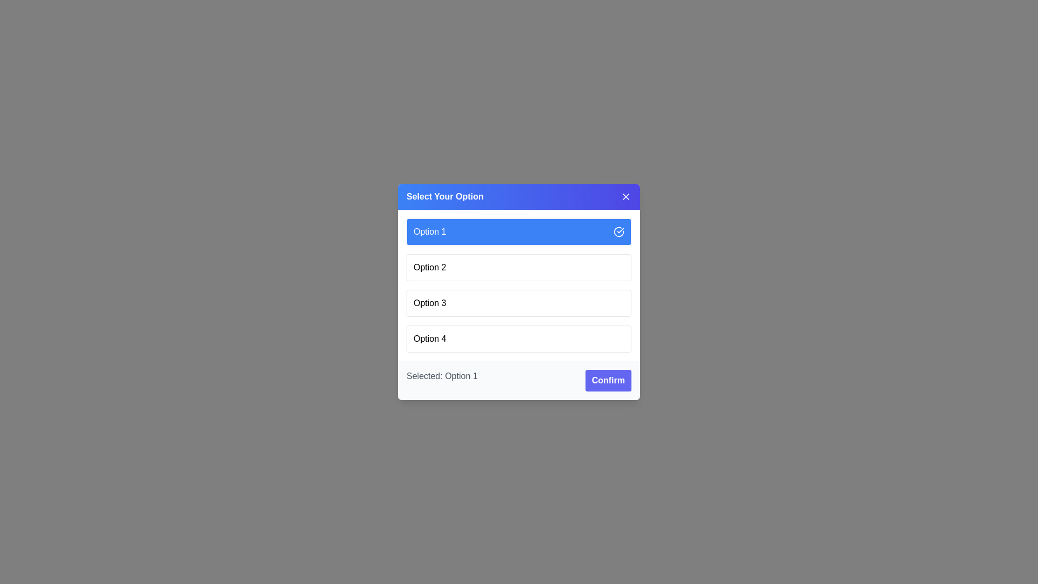 Image resolution: width=1038 pixels, height=584 pixels. I want to click on the third selectable option button in the menu, so click(519, 292).